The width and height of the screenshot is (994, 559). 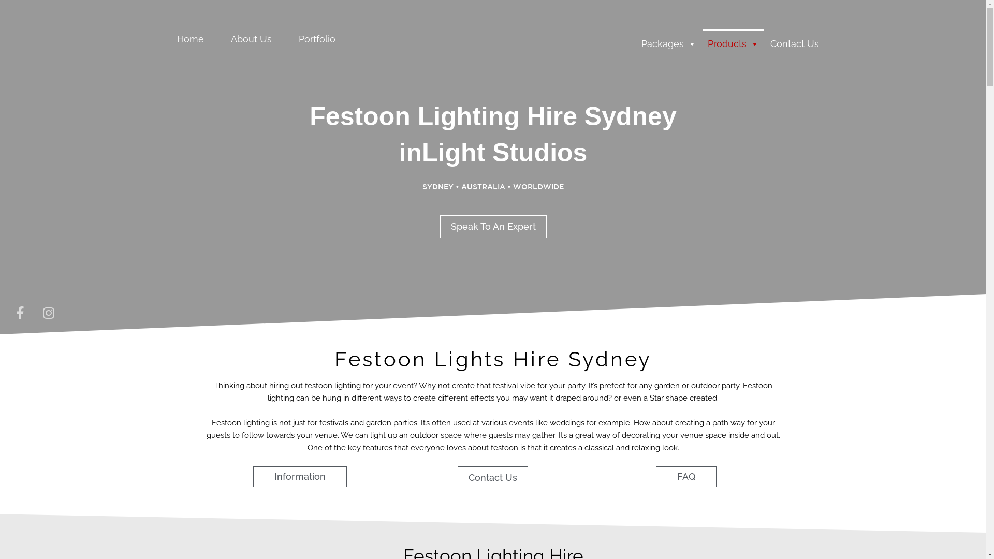 I want to click on 'Facebook-f', so click(x=20, y=313).